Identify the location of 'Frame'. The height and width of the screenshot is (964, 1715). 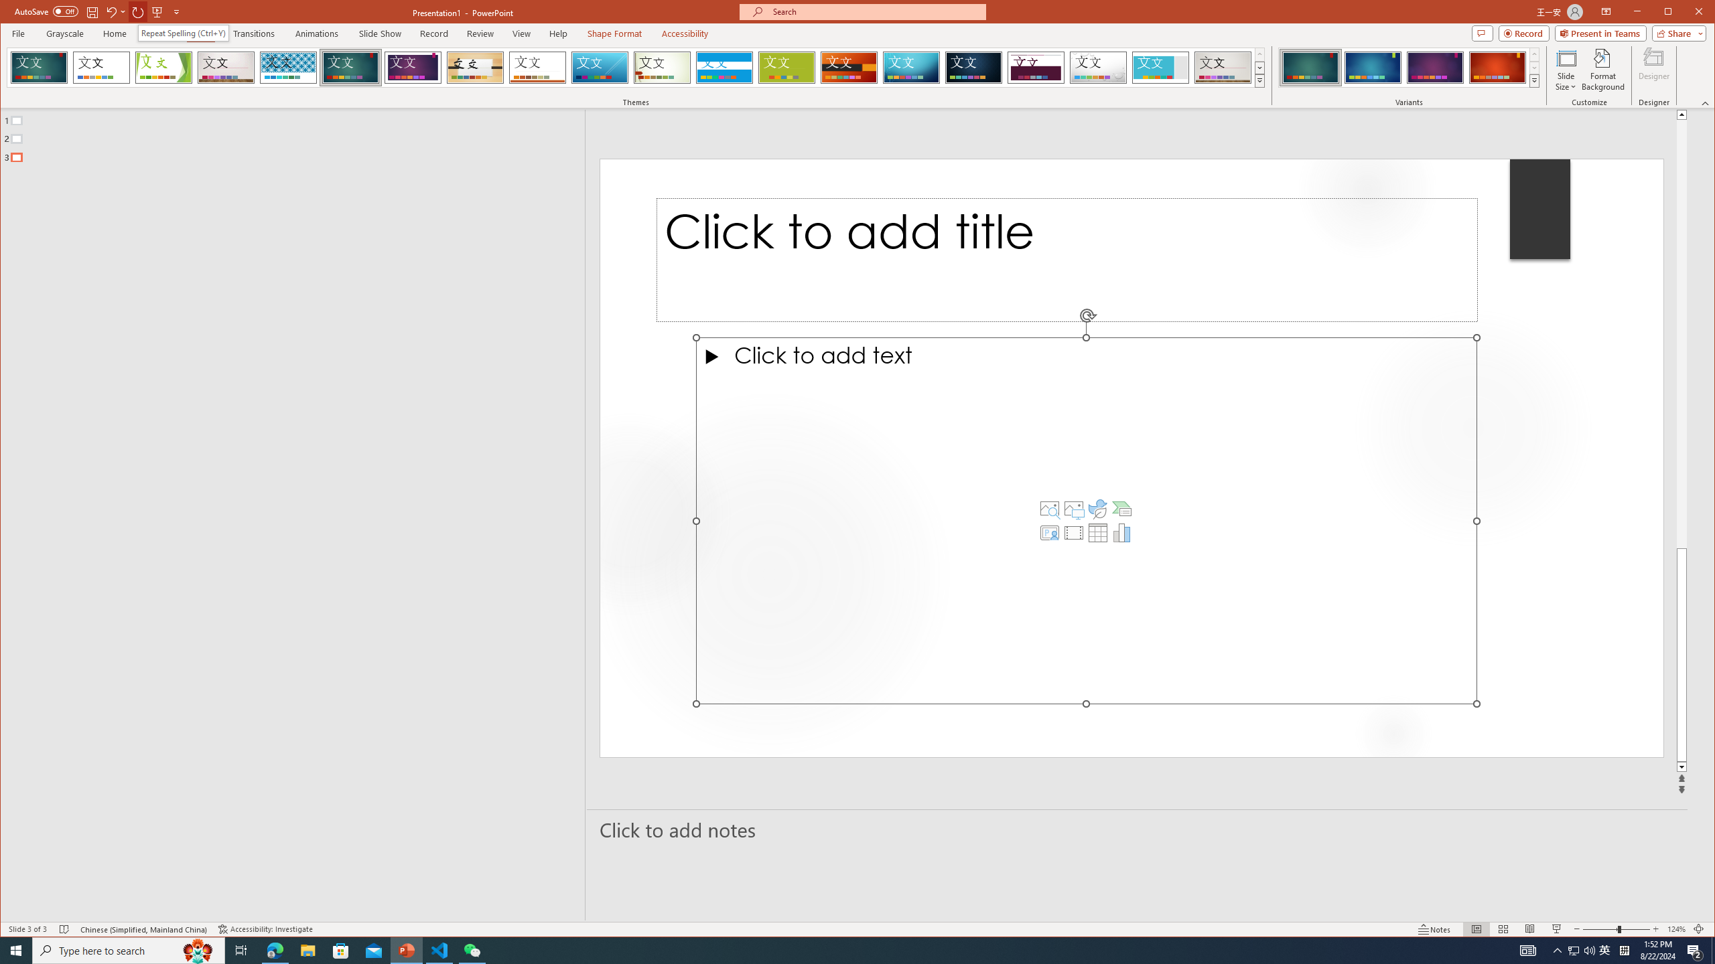
(1160, 67).